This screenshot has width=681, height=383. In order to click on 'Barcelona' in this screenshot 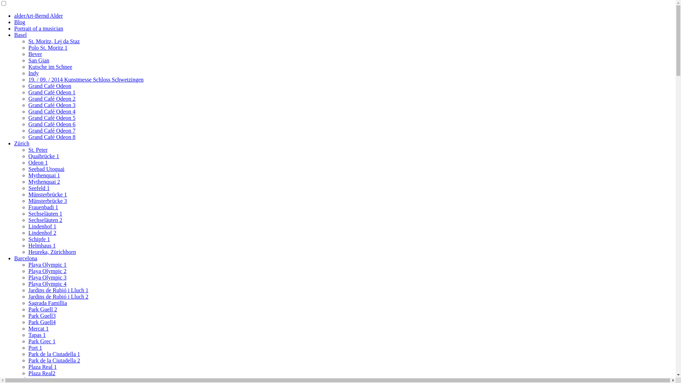, I will do `click(26, 258)`.